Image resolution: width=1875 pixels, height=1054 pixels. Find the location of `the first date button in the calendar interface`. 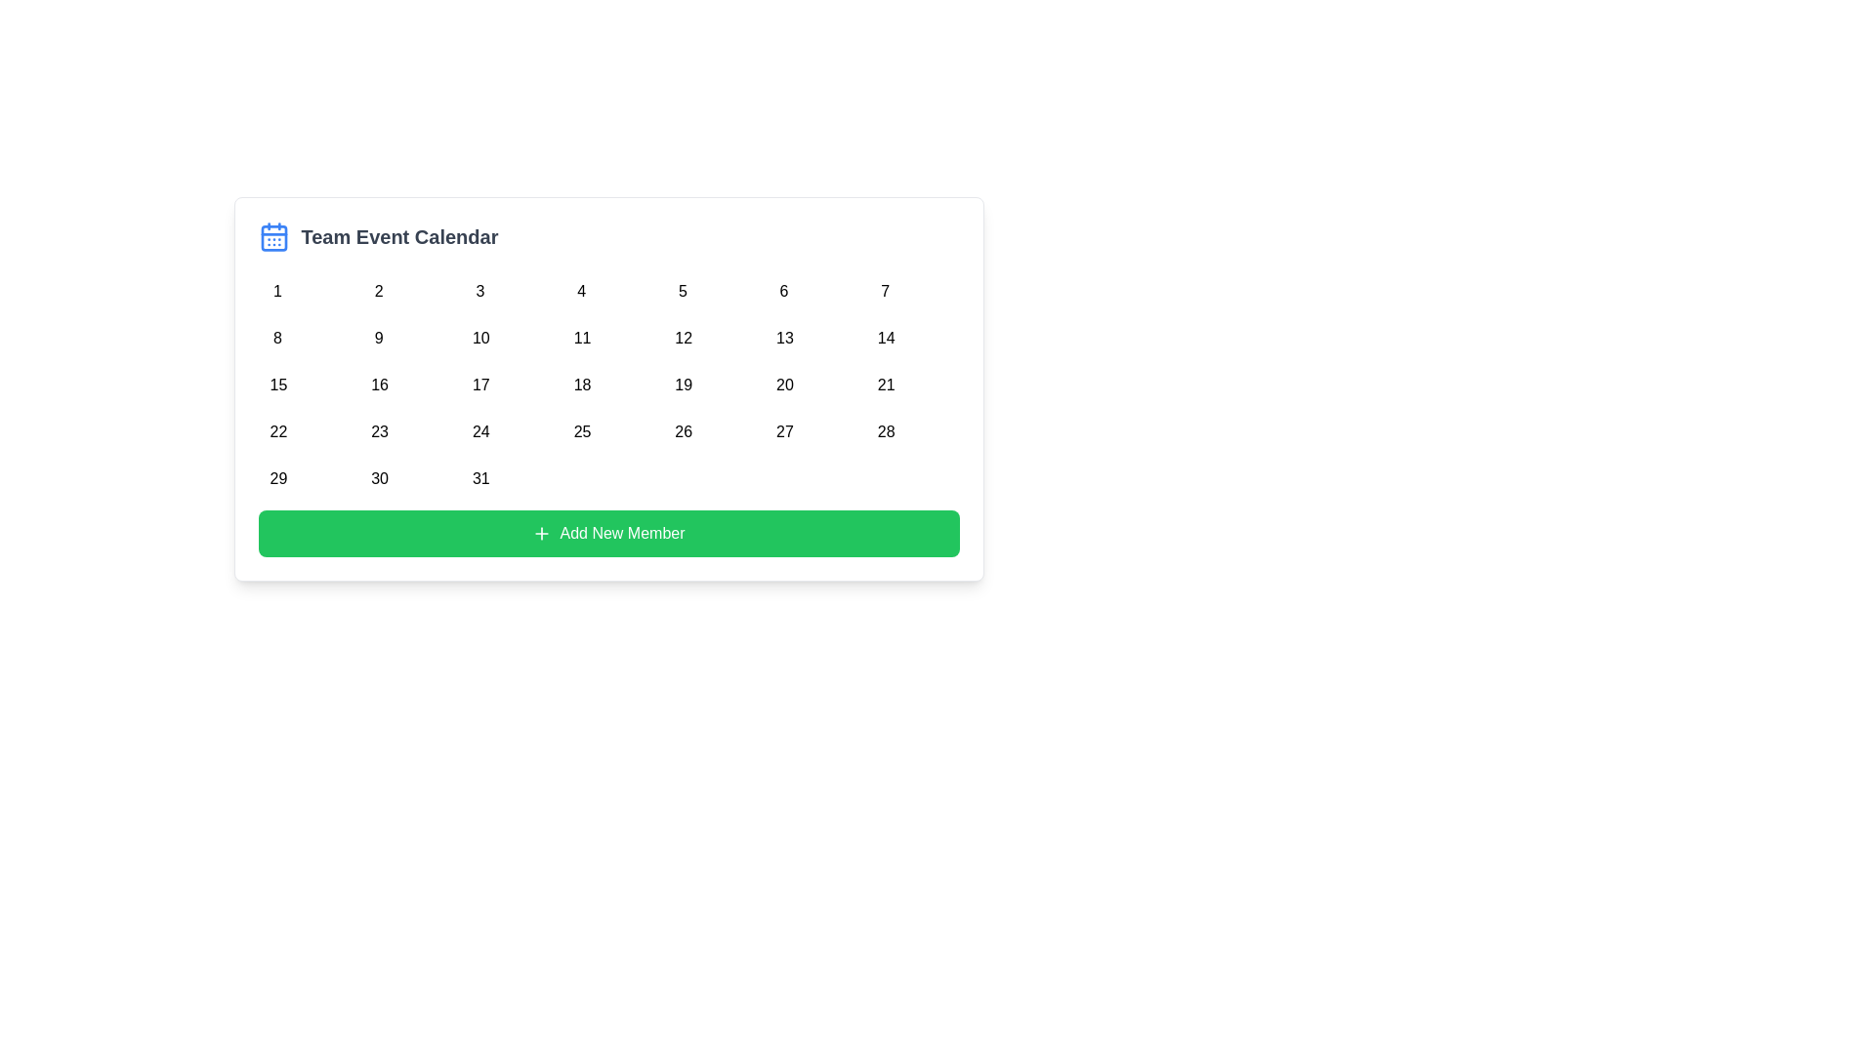

the first date button in the calendar interface is located at coordinates (276, 287).